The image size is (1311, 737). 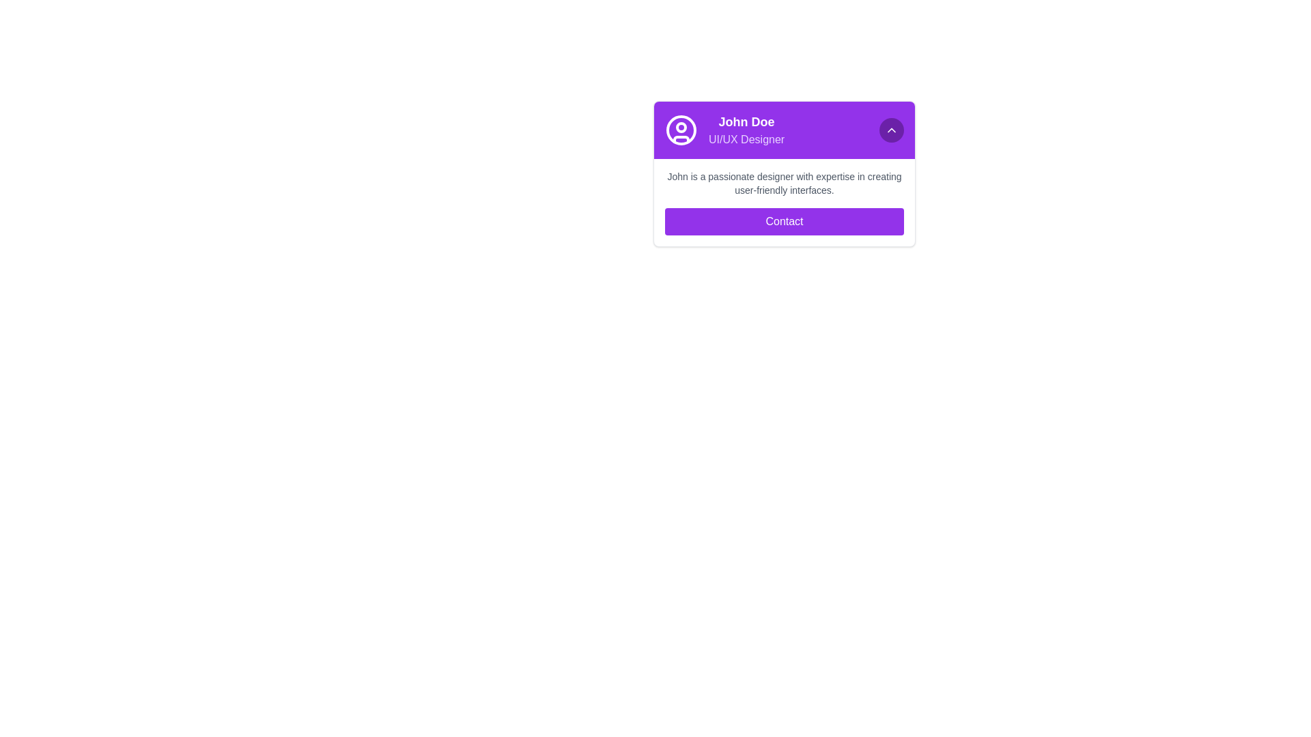 What do you see at coordinates (746, 130) in the screenshot?
I see `displayed information from the text label showing 'John Doe, UI/UX Designer' located at the top of the purple card panel, centered between the user icon and the upward chevron indicator` at bounding box center [746, 130].